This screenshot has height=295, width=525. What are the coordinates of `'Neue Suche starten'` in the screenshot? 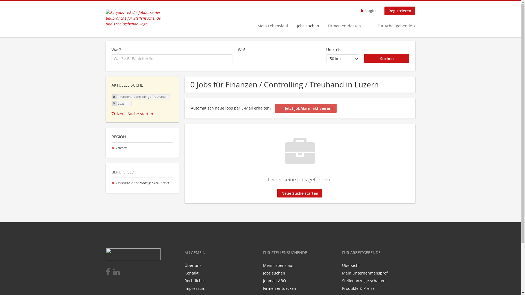 It's located at (111, 113).